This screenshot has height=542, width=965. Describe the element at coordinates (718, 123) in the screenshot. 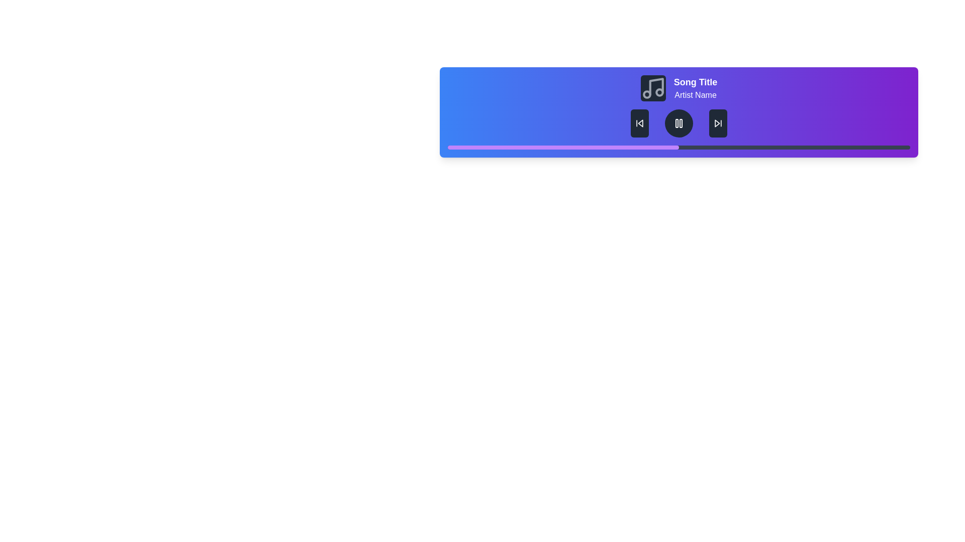

I see `the 'Skip Forward' button located at the rightmost position in the media player interface to skip to the next track` at that location.